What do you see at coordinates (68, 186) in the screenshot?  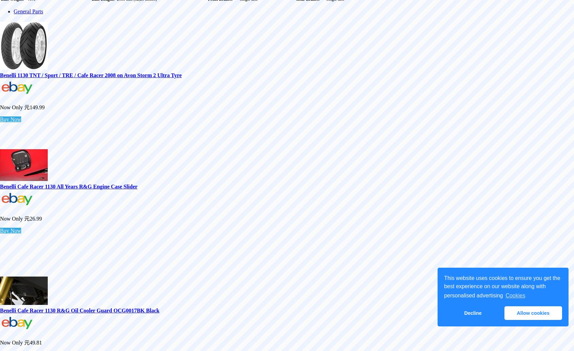 I see `'Benelli Cafe Racer 1130 All Years R&G Engine Case Slider'` at bounding box center [68, 186].